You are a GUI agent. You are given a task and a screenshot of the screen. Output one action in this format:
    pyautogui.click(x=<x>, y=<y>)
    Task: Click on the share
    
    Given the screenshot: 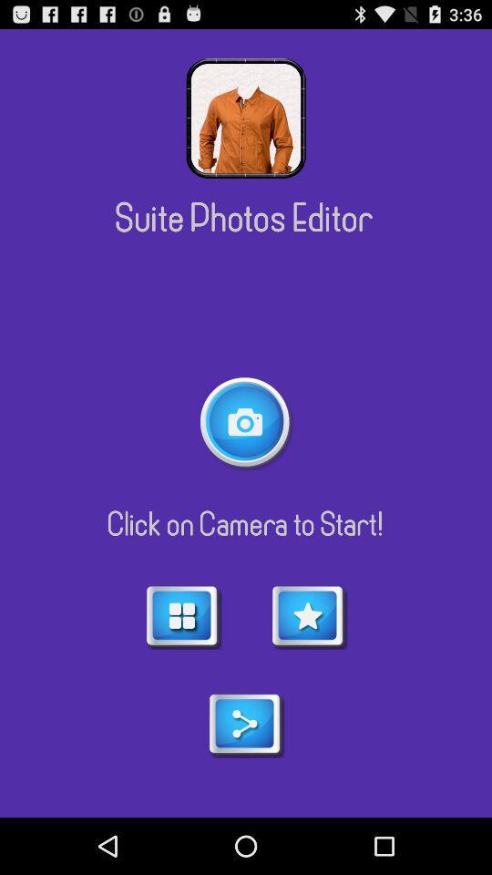 What is the action you would take?
    pyautogui.click(x=246, y=725)
    